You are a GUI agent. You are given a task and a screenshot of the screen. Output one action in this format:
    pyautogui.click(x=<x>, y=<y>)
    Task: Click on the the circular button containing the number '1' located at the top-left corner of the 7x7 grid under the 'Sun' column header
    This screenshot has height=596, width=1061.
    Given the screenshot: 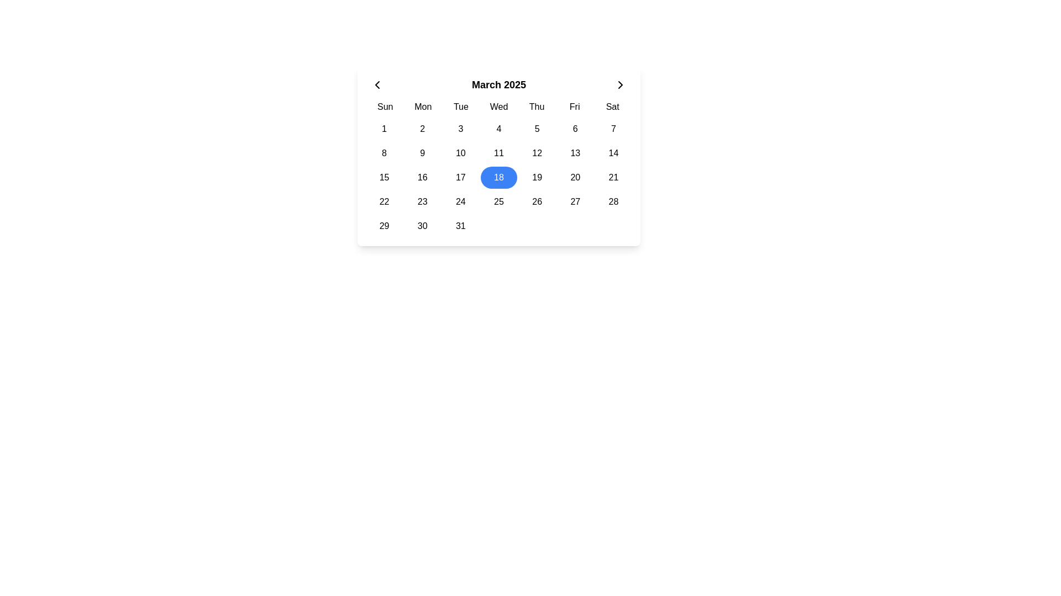 What is the action you would take?
    pyautogui.click(x=384, y=129)
    